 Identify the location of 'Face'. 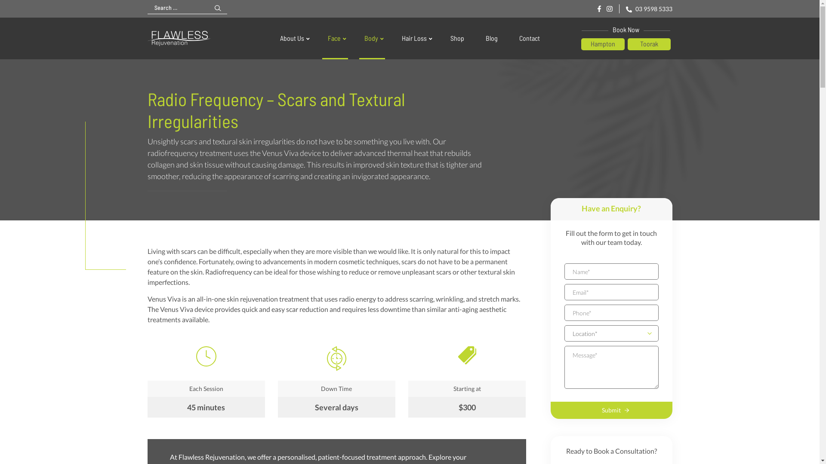
(335, 38).